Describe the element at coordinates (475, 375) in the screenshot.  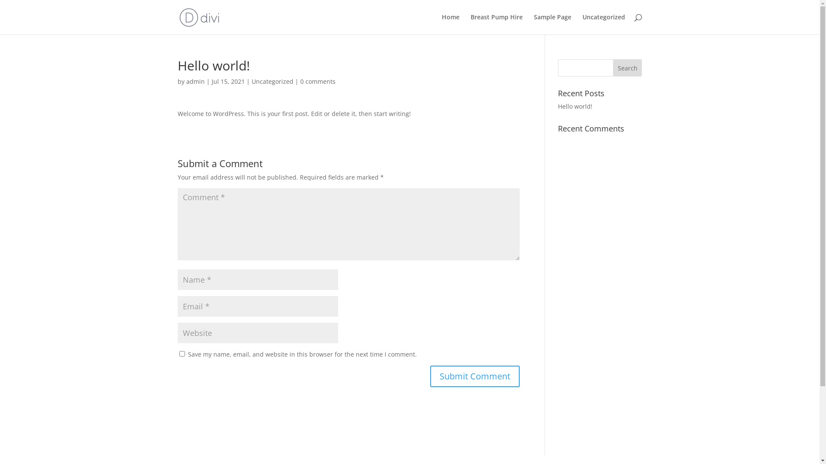
I see `'Submit Comment'` at that location.